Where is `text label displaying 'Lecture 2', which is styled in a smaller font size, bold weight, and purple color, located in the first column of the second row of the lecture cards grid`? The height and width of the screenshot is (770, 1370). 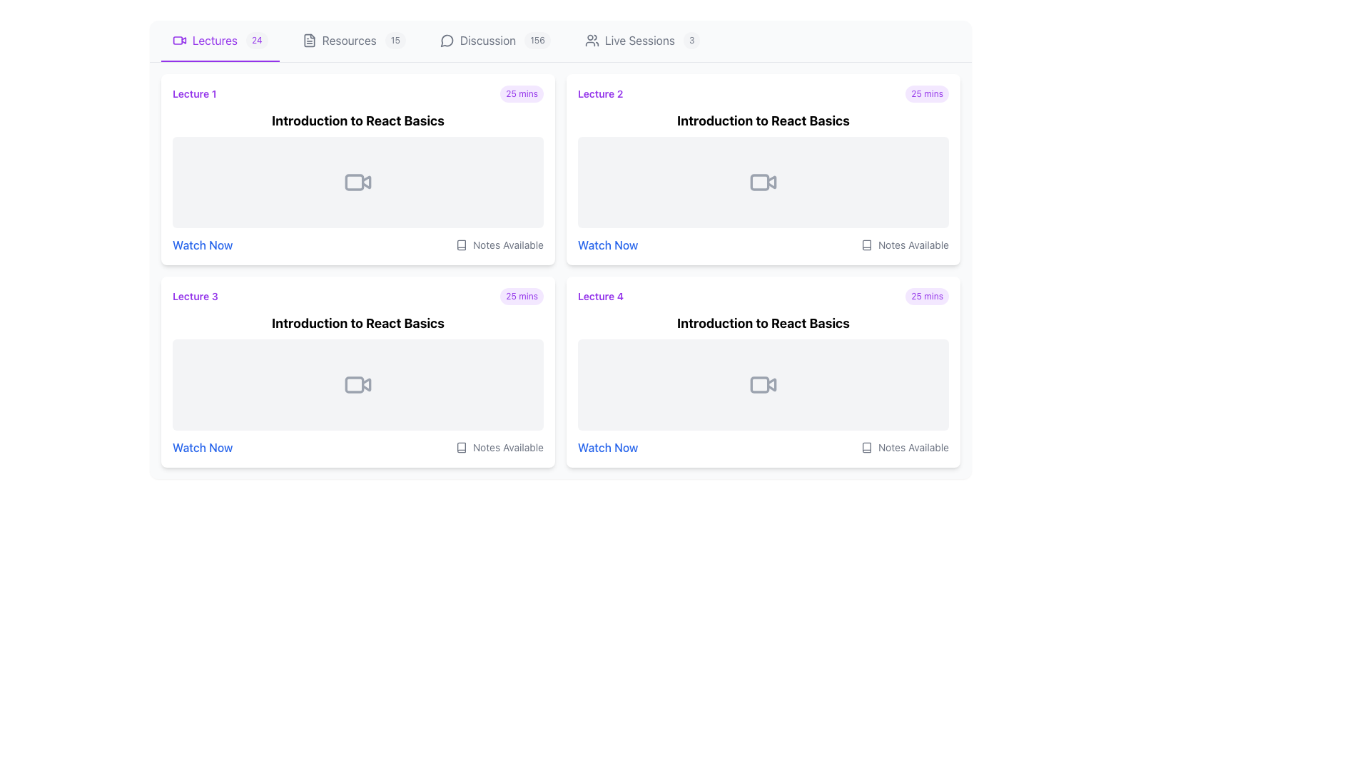 text label displaying 'Lecture 2', which is styled in a smaller font size, bold weight, and purple color, located in the first column of the second row of the lecture cards grid is located at coordinates (600, 93).